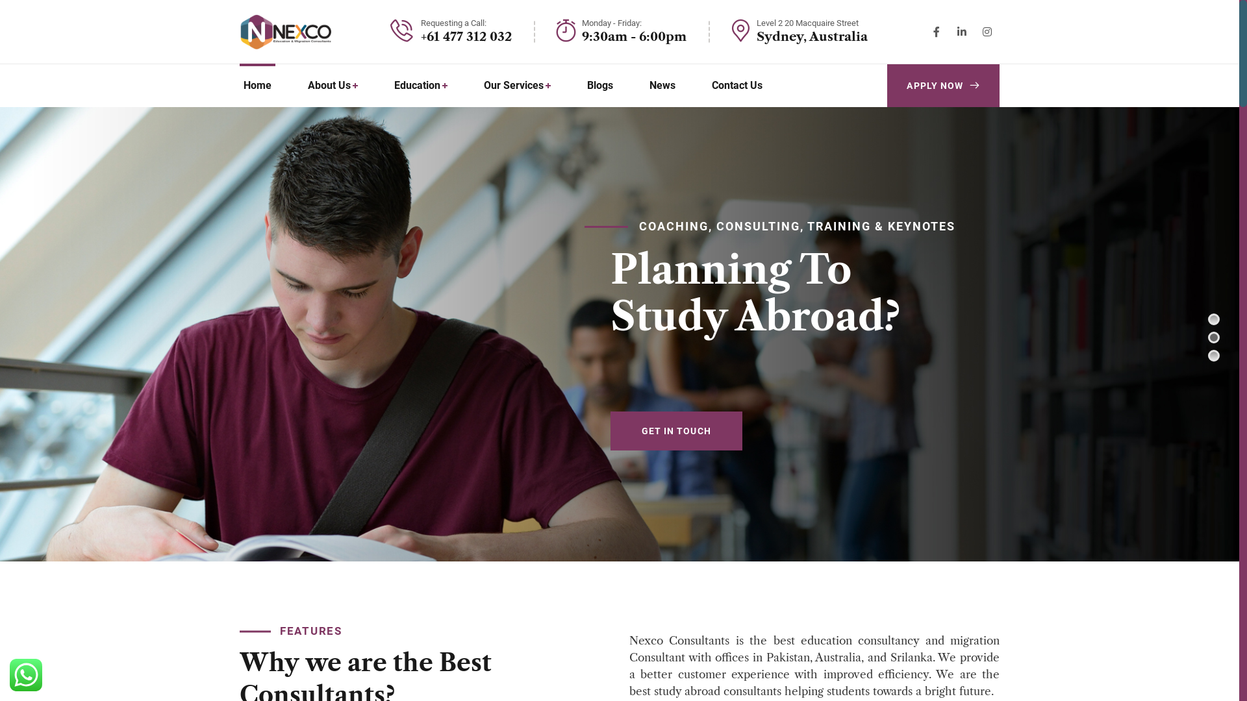 This screenshot has width=1247, height=701. I want to click on 'APPLY NOW', so click(943, 85).